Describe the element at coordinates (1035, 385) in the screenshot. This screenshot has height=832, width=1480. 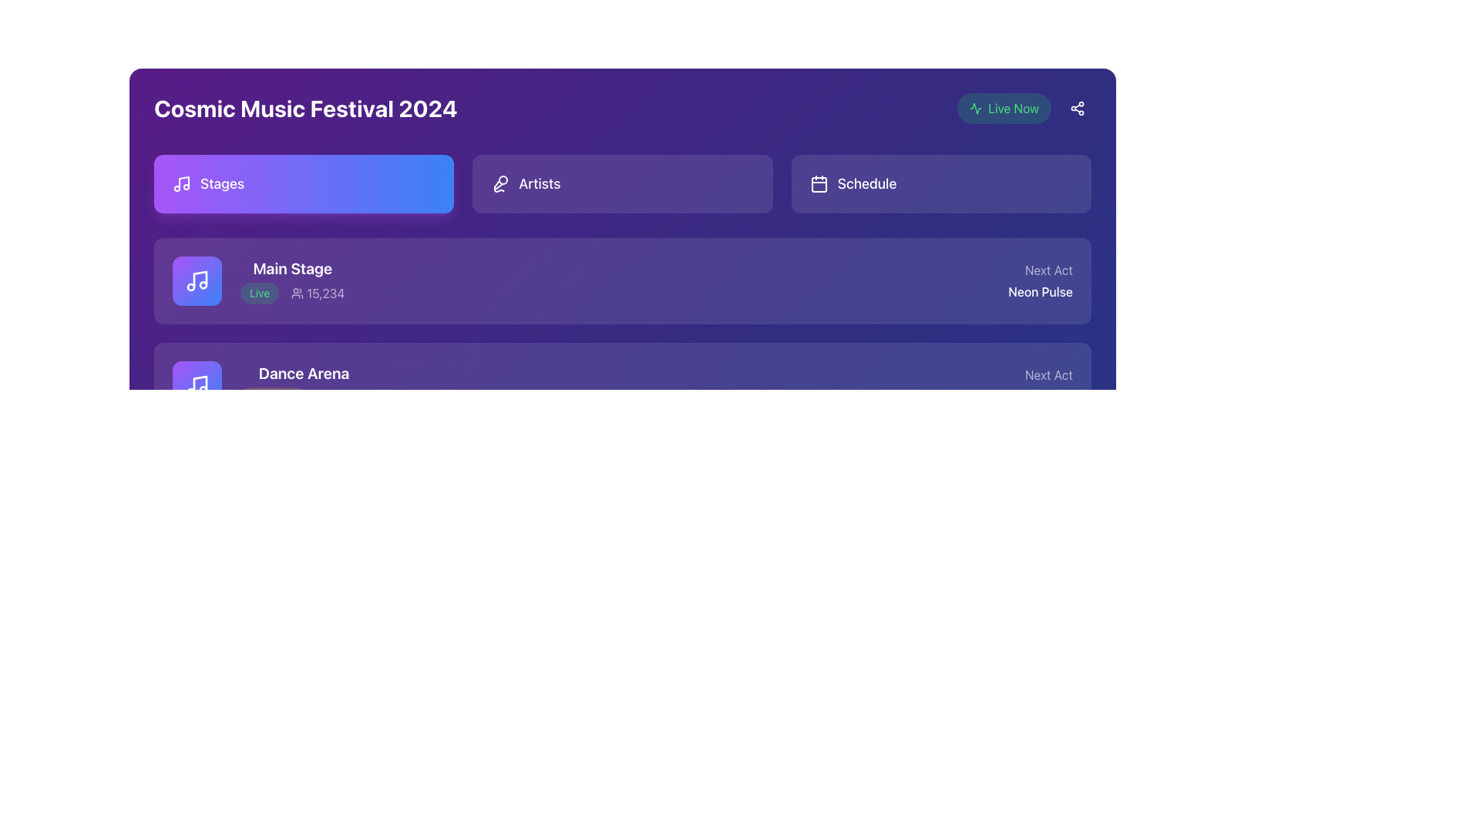
I see `the Text Label containing 'Next Act' and 'Bass Division' located in the rightmost part of the row corresponding to 'Dance Arena'` at that location.